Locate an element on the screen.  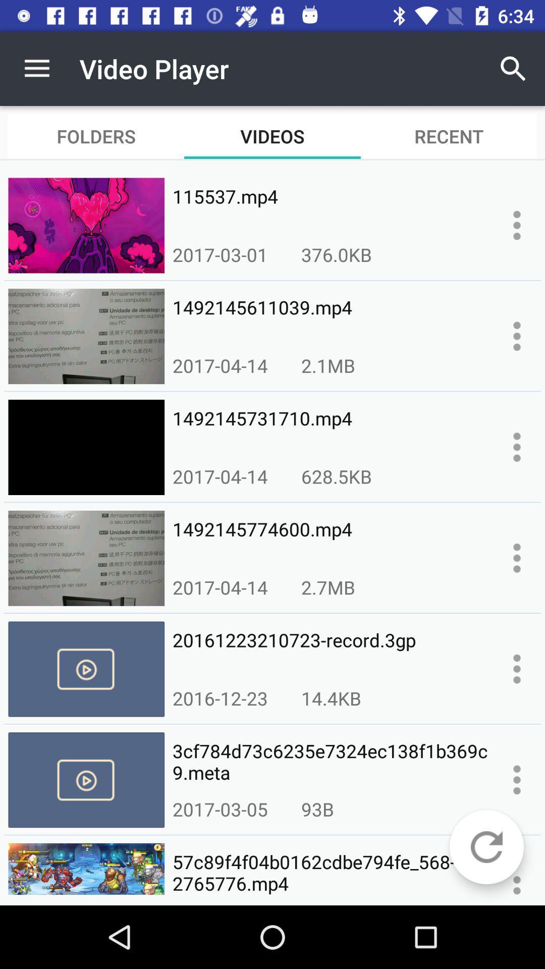
refresh is located at coordinates (486, 847).